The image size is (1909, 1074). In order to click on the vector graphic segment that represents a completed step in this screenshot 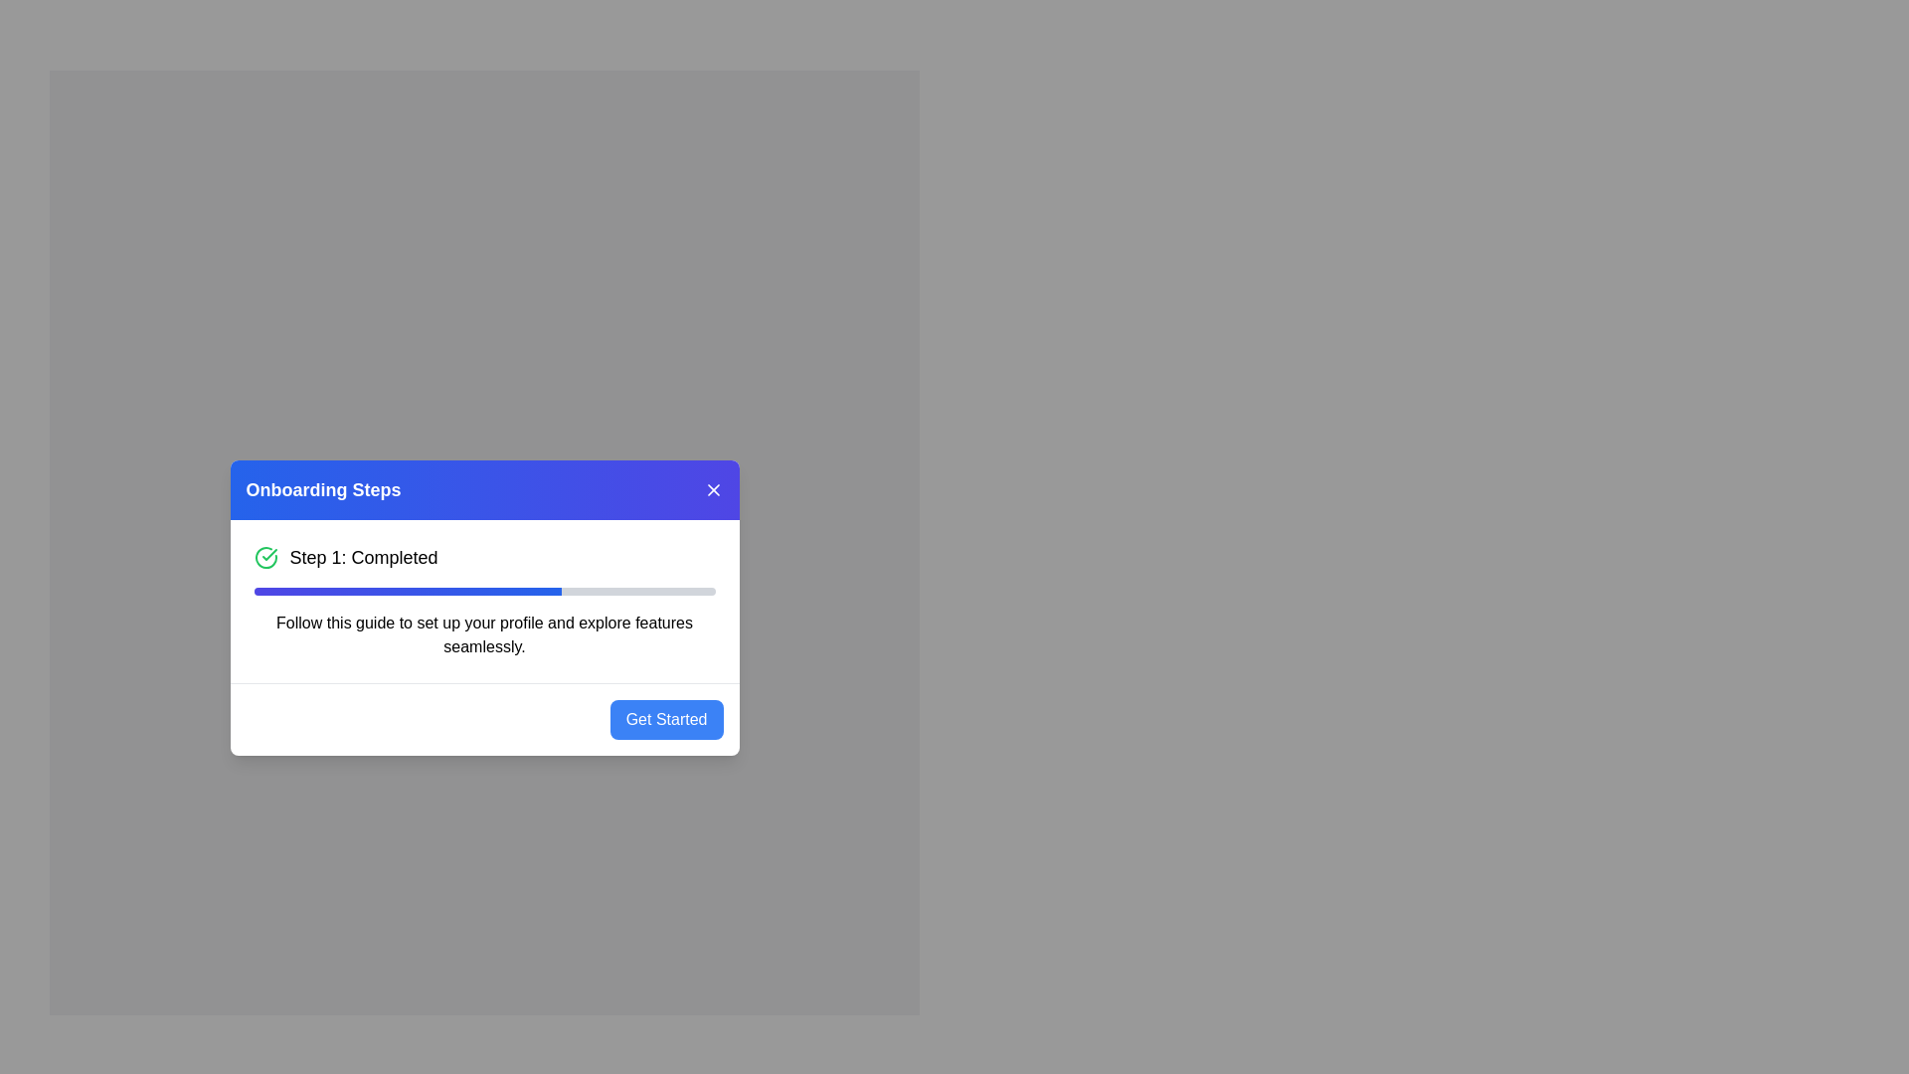, I will do `click(264, 557)`.